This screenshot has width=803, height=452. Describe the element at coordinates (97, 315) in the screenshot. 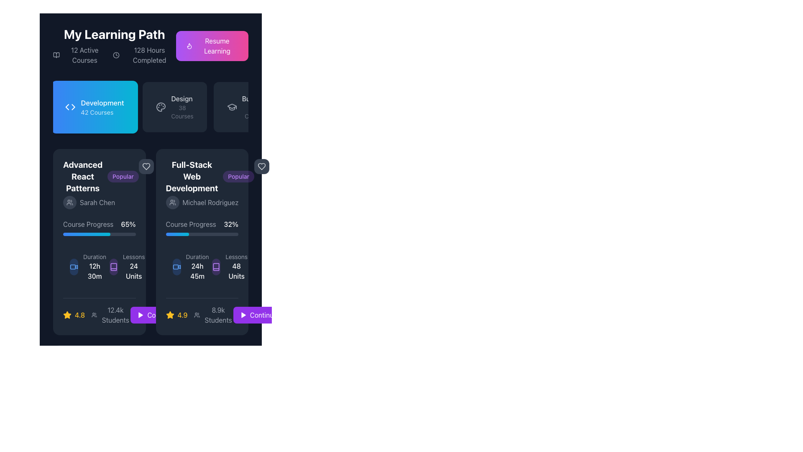

I see `course's average rating and student count displayed in the Composite informational display located at the bottom left of the 'Advanced React Patterns' card, next to the action buttons` at that location.